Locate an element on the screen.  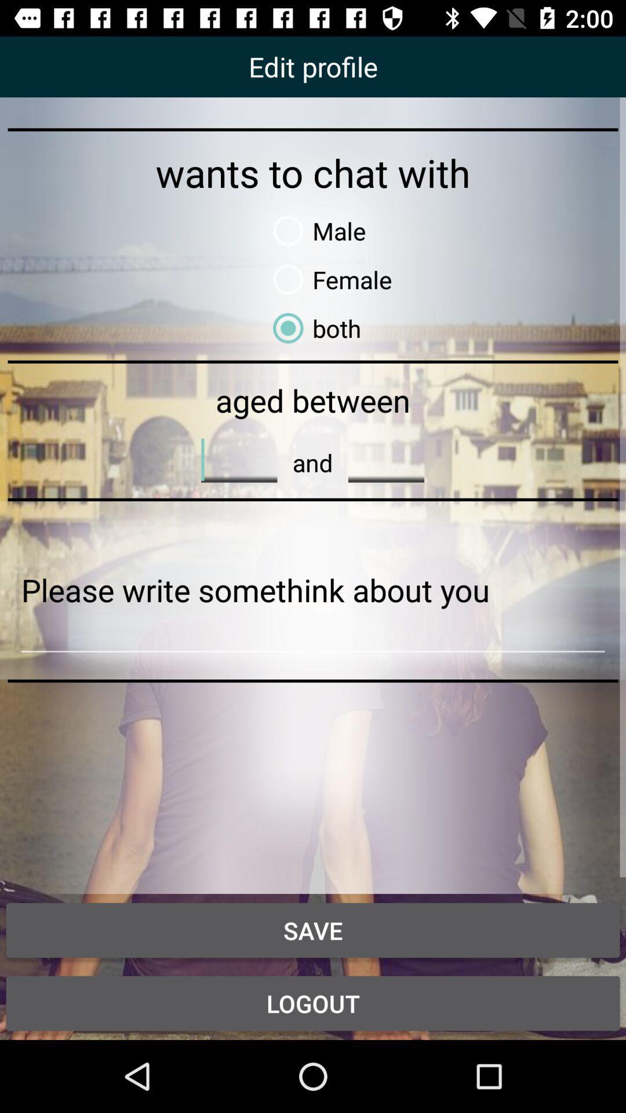
write the lowest age you want to chat with is located at coordinates (238, 459).